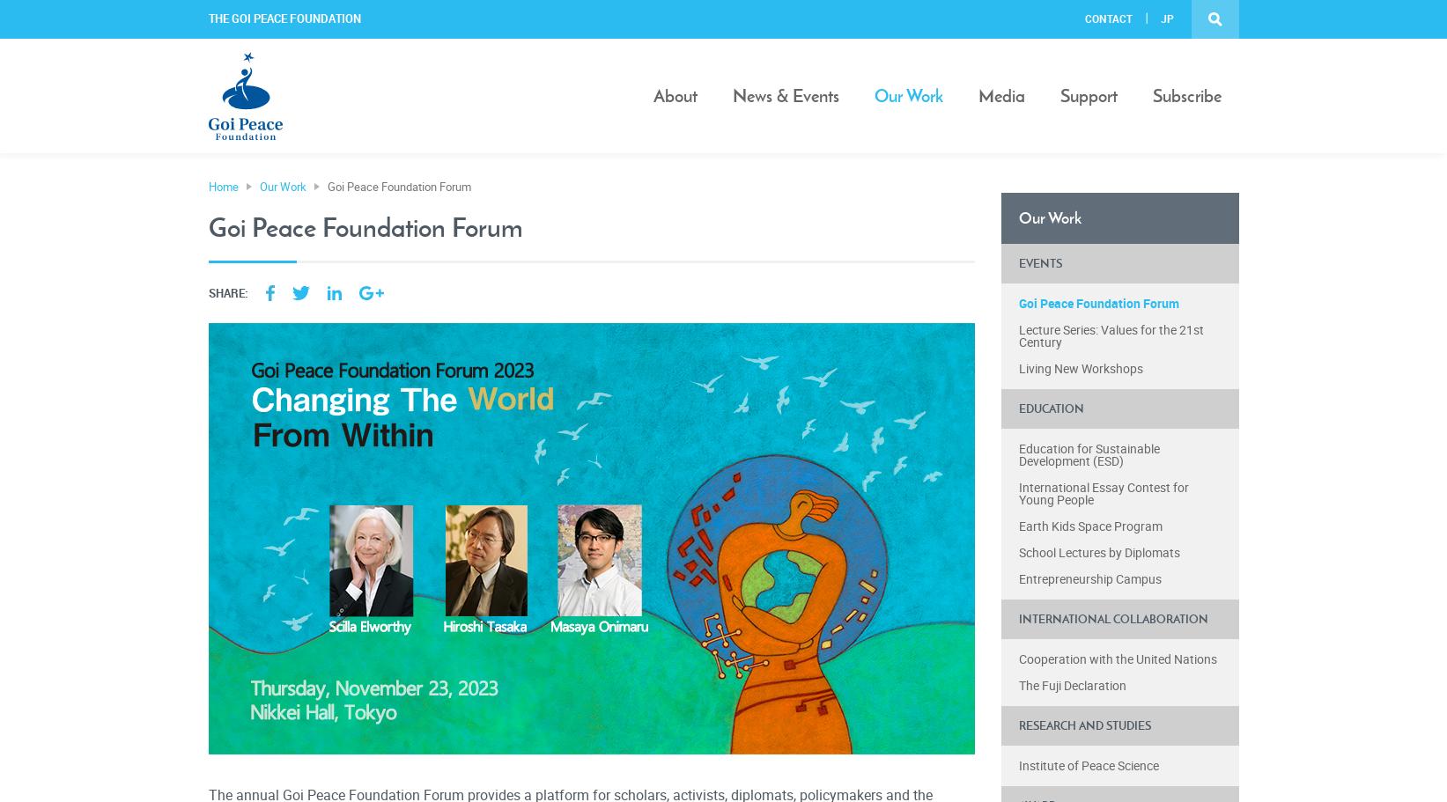  I want to click on 'Publications', so click(1014, 154).